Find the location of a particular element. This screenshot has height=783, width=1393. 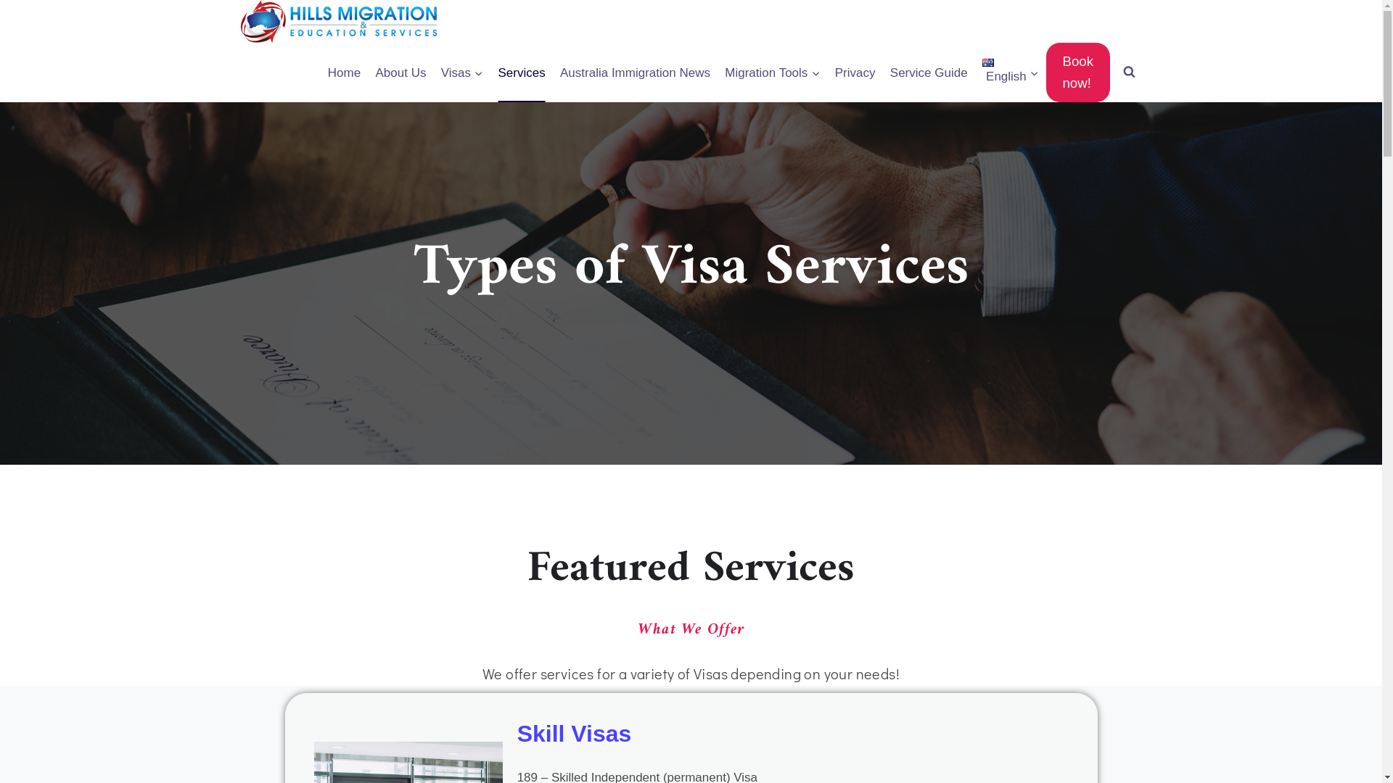

'Privacy' is located at coordinates (828, 72).